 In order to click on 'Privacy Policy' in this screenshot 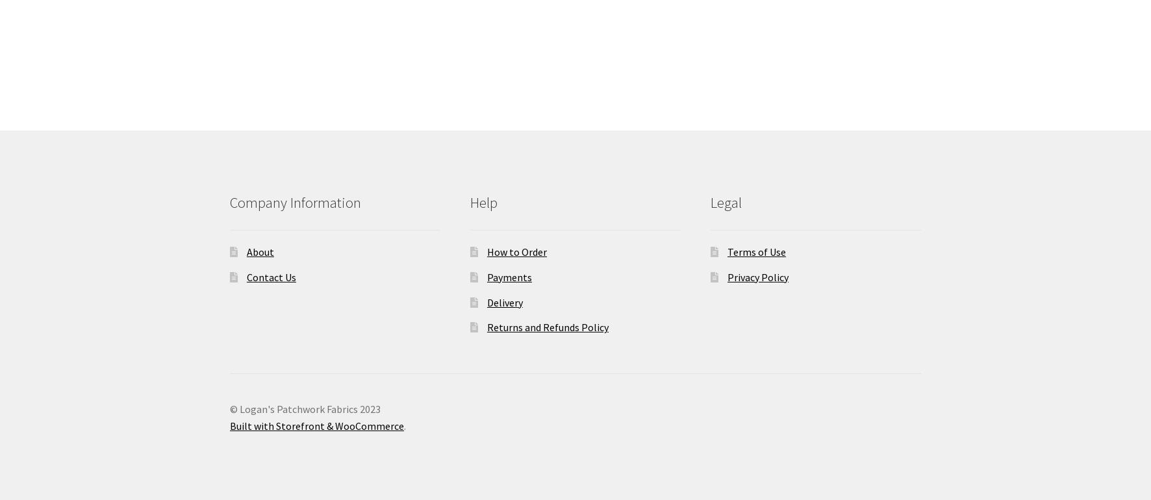, I will do `click(757, 275)`.